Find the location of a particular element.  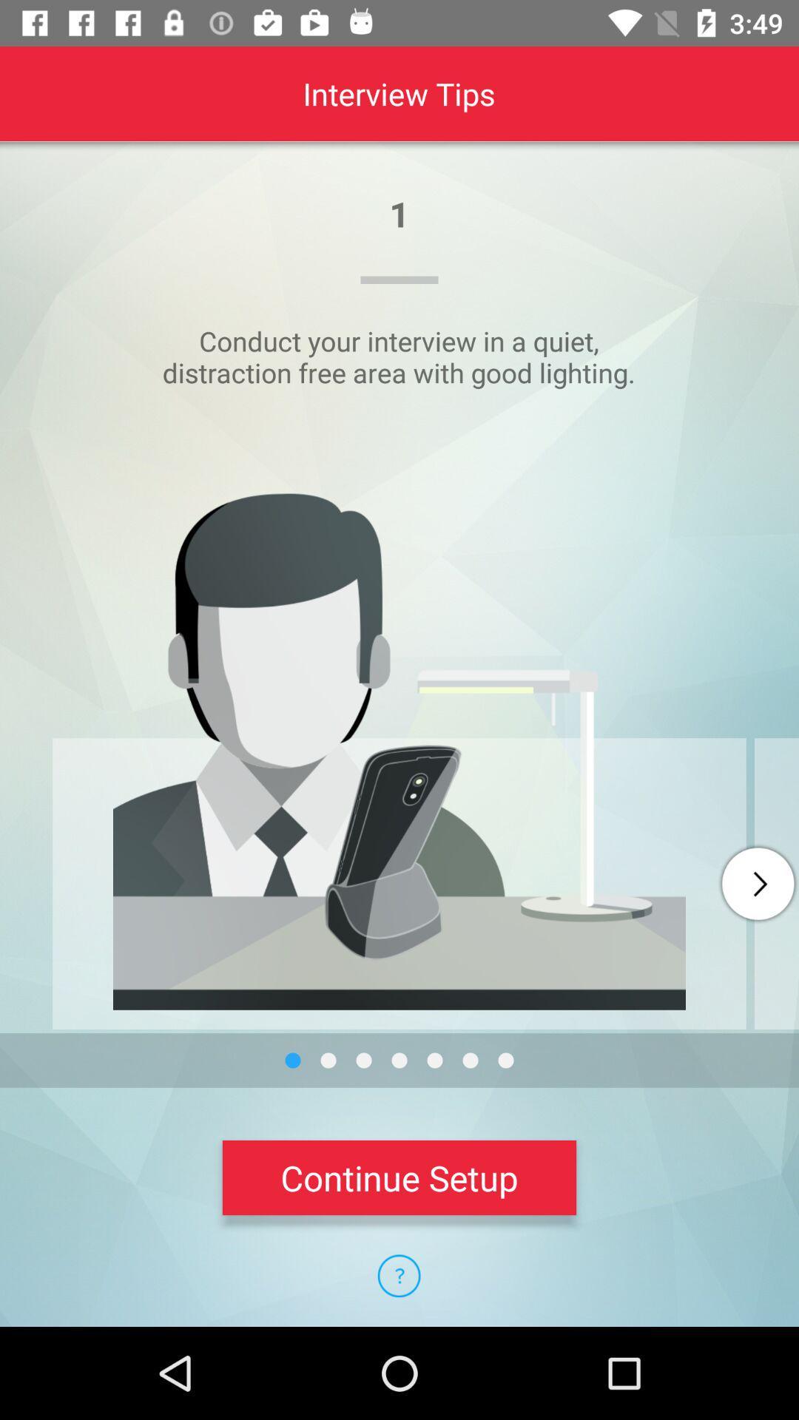

next option is located at coordinates (758, 884).